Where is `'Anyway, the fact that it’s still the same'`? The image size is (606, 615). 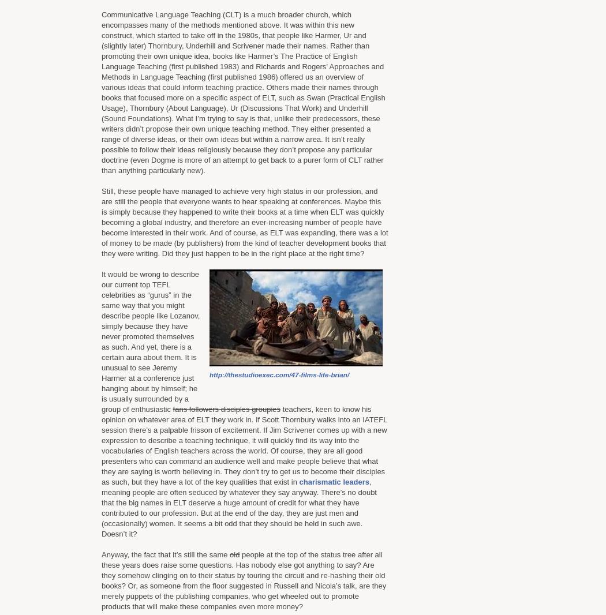
'Anyway, the fact that it’s still the same' is located at coordinates (164, 554).